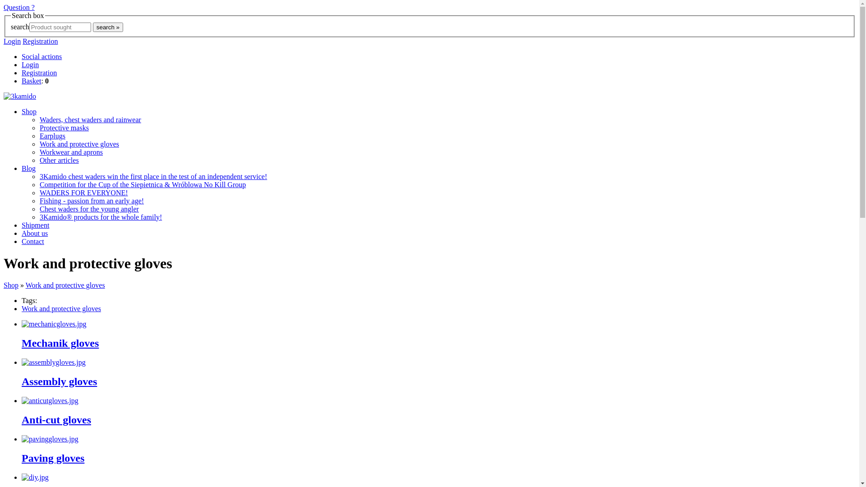 This screenshot has width=866, height=487. Describe the element at coordinates (40, 41) in the screenshot. I see `'Registration'` at that location.